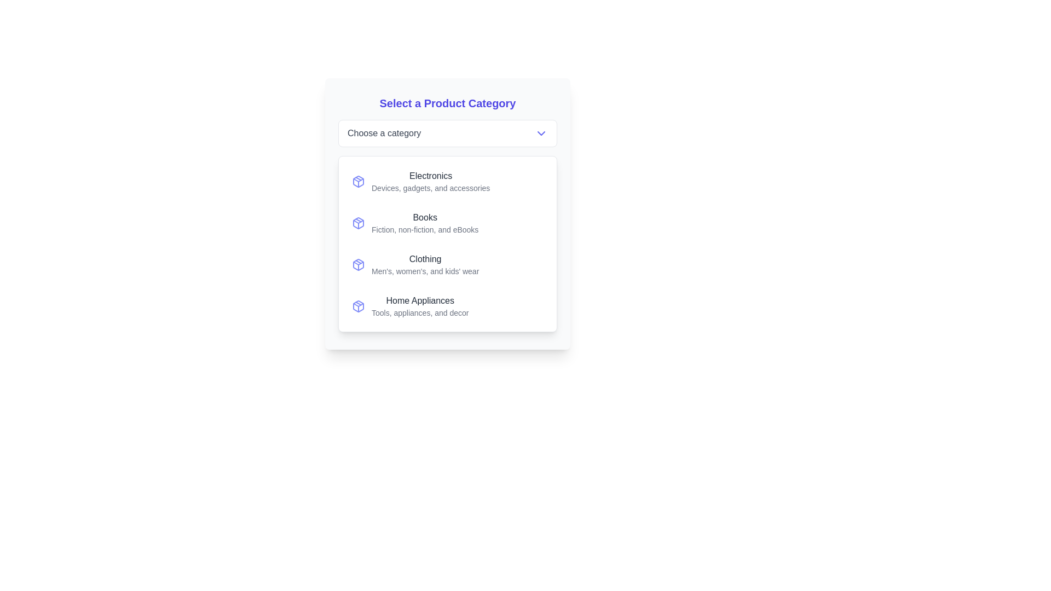  I want to click on the 'Electronics' category icon, which is located in the first row of the product category list, to the left of the text 'Electronics', so click(358, 181).